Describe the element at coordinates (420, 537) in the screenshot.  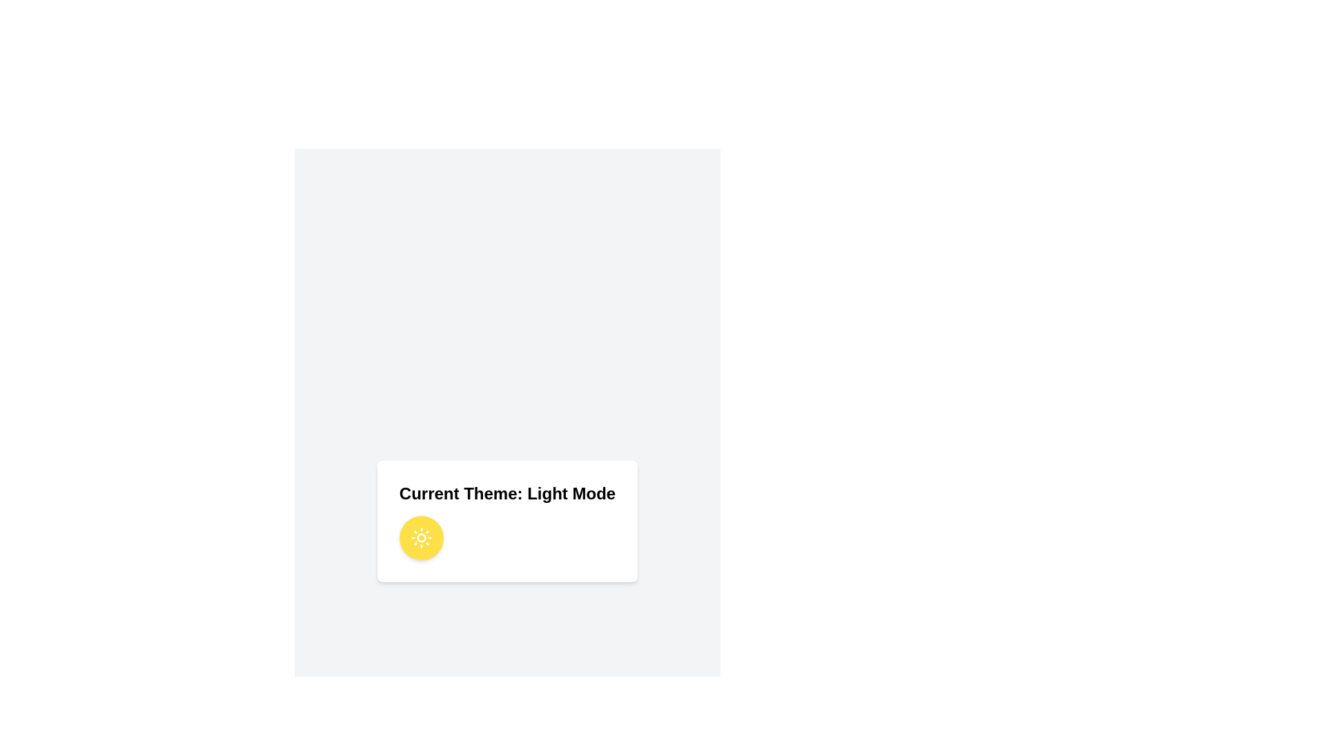
I see `the theme toggle button to switch the theme` at that location.